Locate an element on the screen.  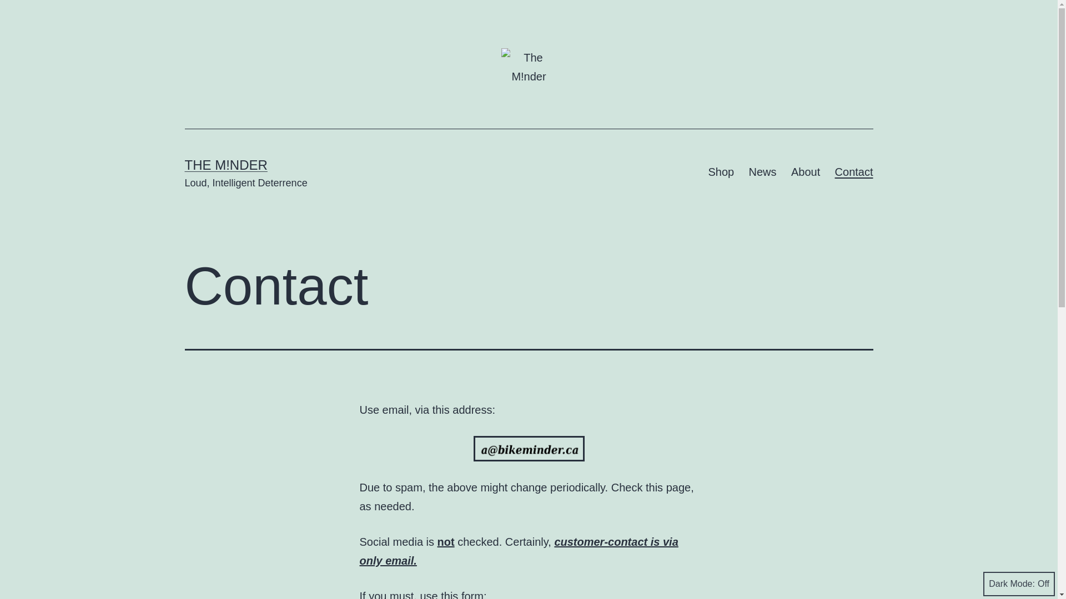
'About' is located at coordinates (806, 172).